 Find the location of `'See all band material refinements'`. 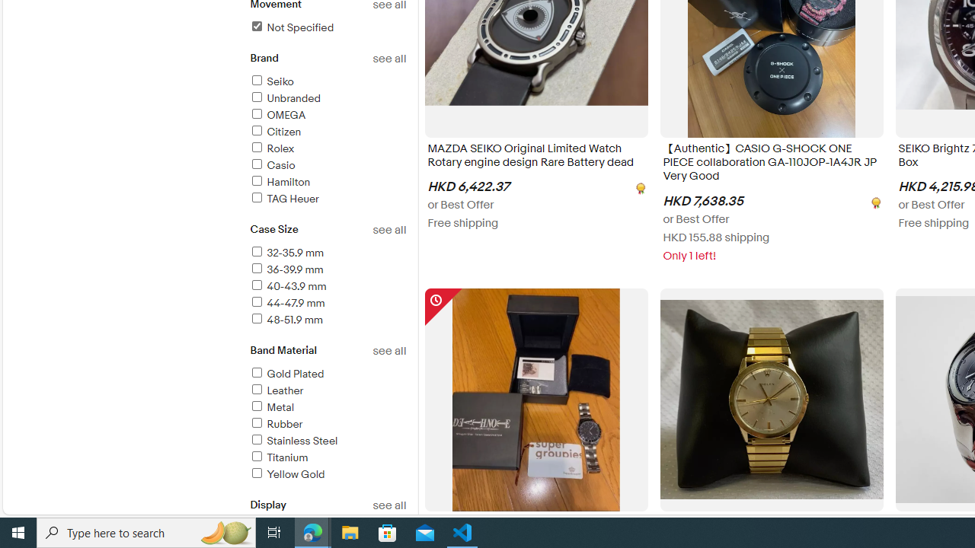

'See all band material refinements' is located at coordinates (389, 351).